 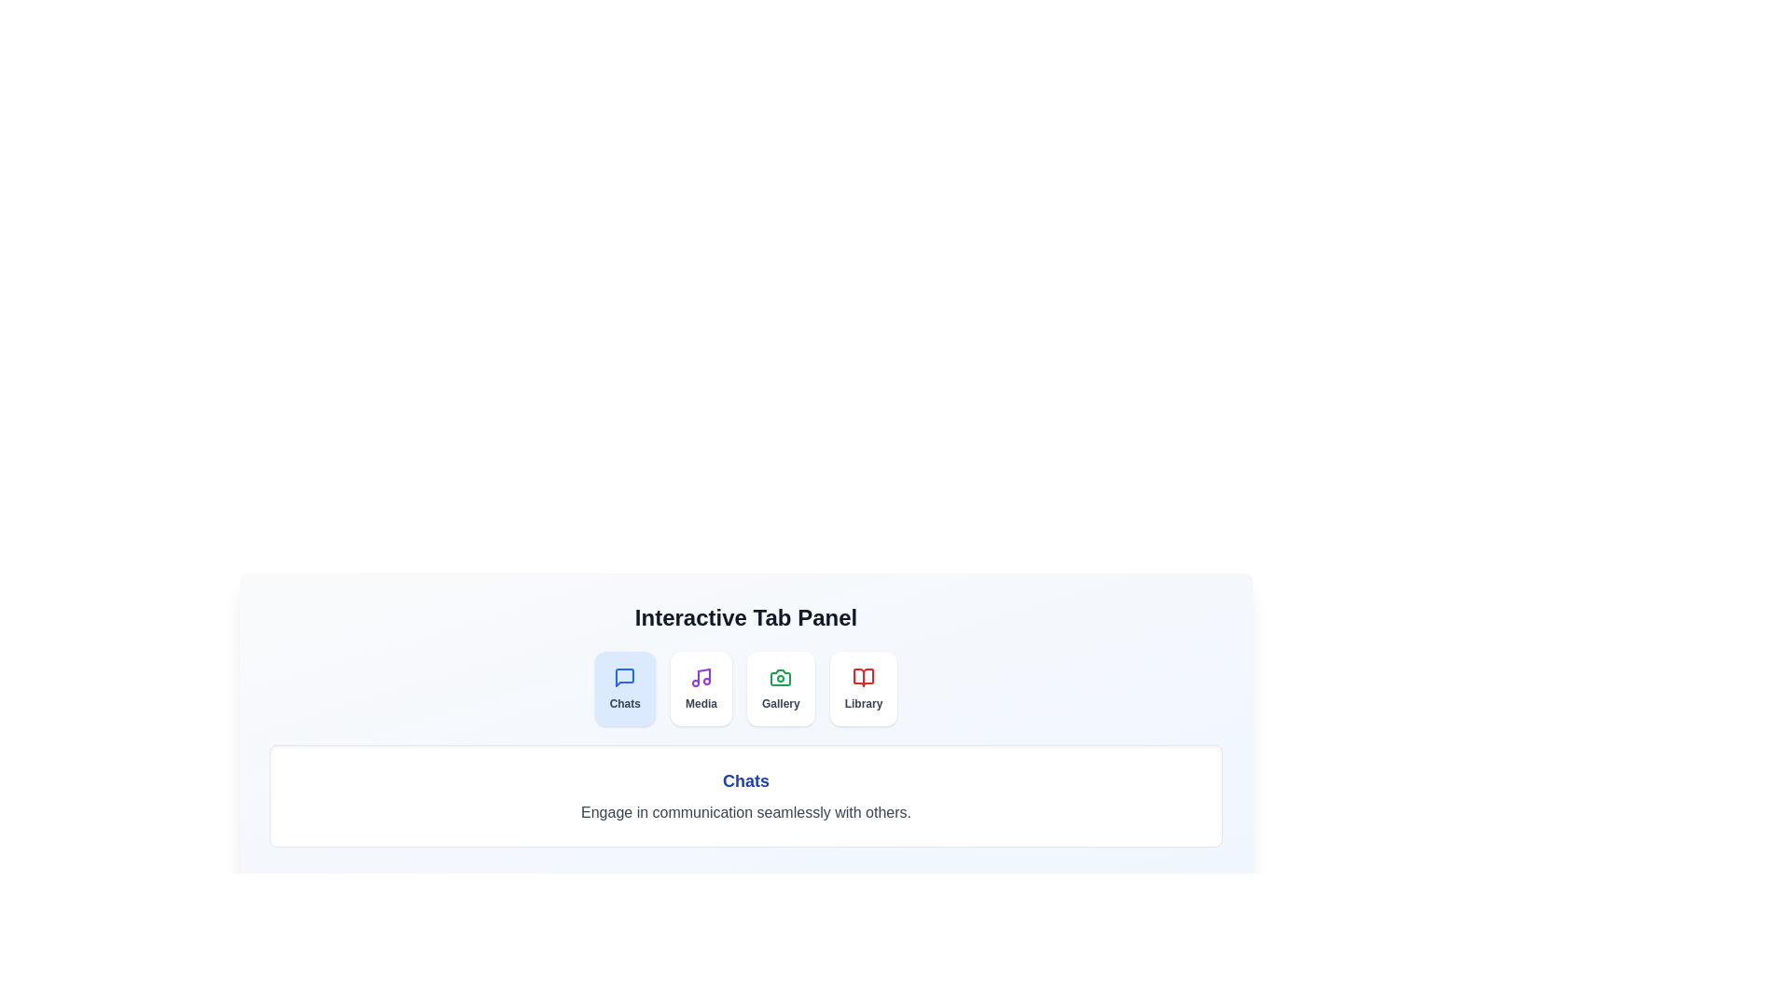 What do you see at coordinates (625, 689) in the screenshot?
I see `the tab Chats` at bounding box center [625, 689].